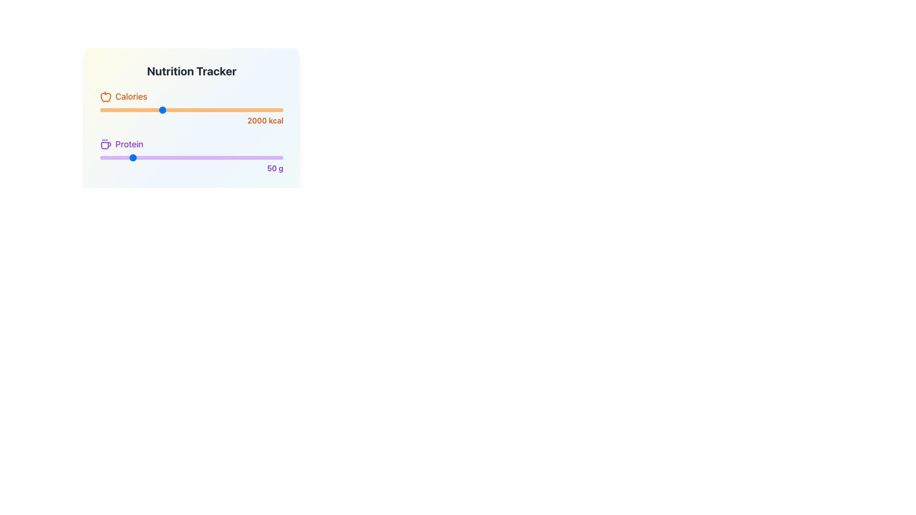  I want to click on calorie goal, so click(211, 110).